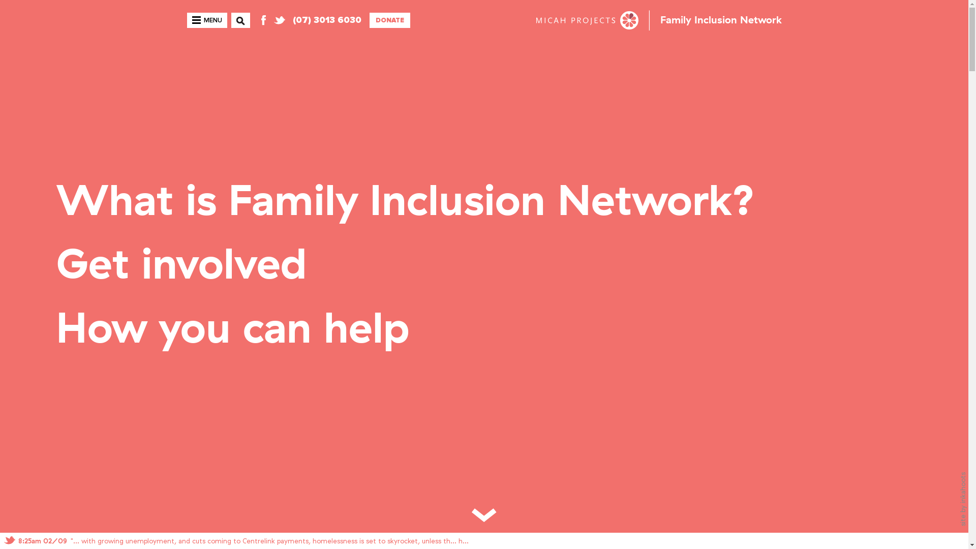 The height and width of the screenshot is (549, 976). I want to click on 'Family Inclusion Network', so click(720, 20).